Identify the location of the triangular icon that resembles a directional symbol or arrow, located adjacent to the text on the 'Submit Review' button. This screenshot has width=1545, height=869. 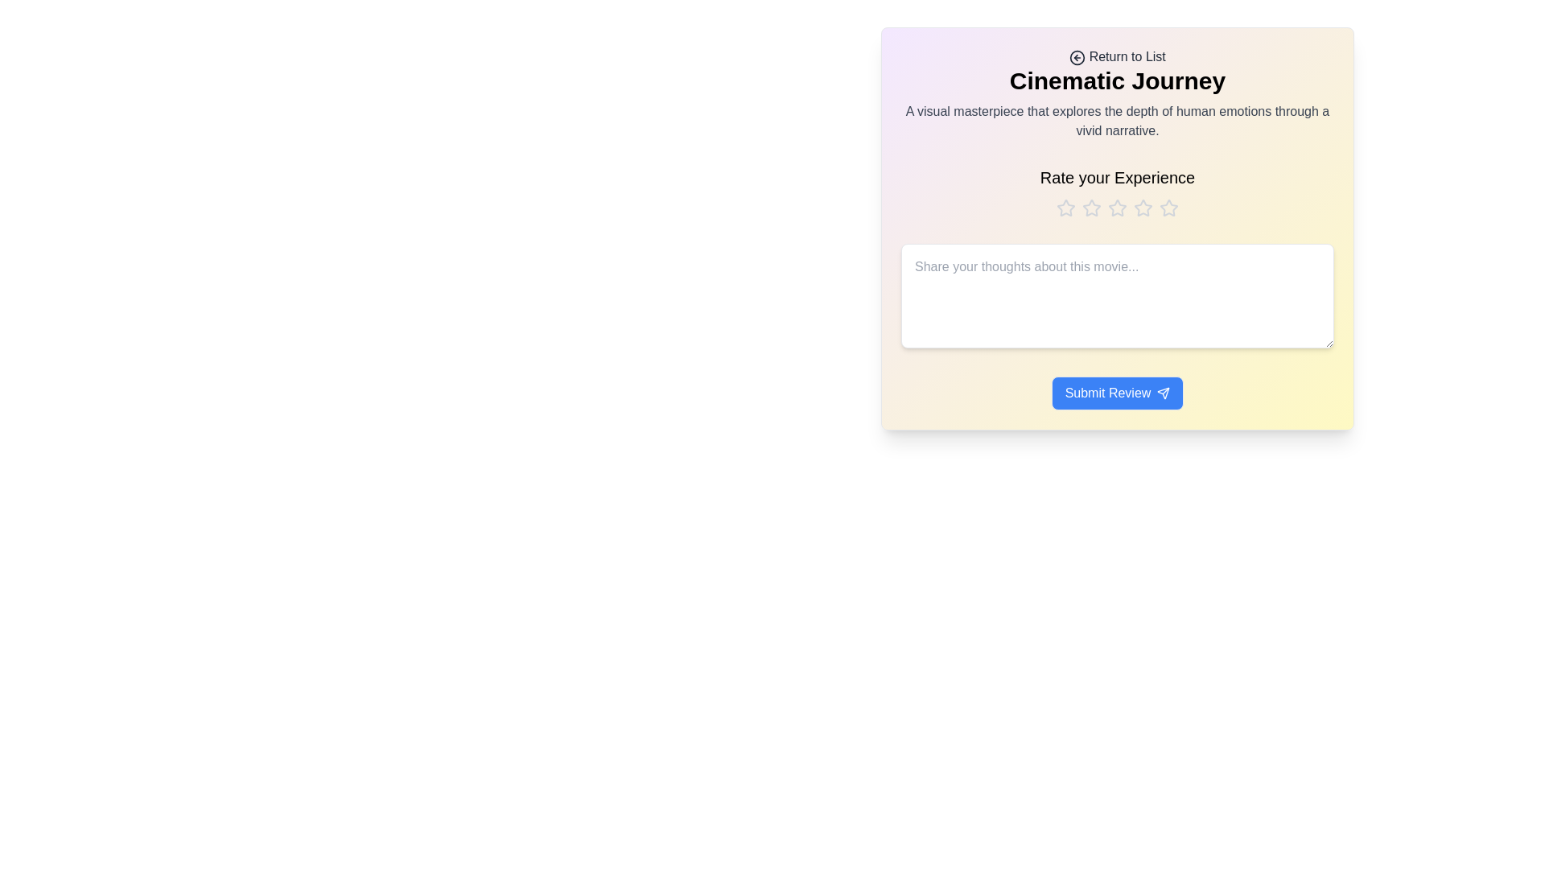
(1164, 393).